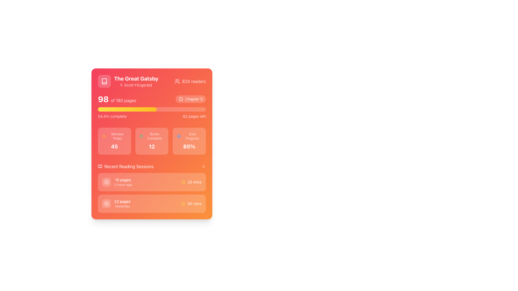 This screenshot has height=291, width=518. What do you see at coordinates (104, 81) in the screenshot?
I see `the book icon, which is styled in white and positioned to the left of the text 'The Great Gatsby' on the user interface card` at bounding box center [104, 81].